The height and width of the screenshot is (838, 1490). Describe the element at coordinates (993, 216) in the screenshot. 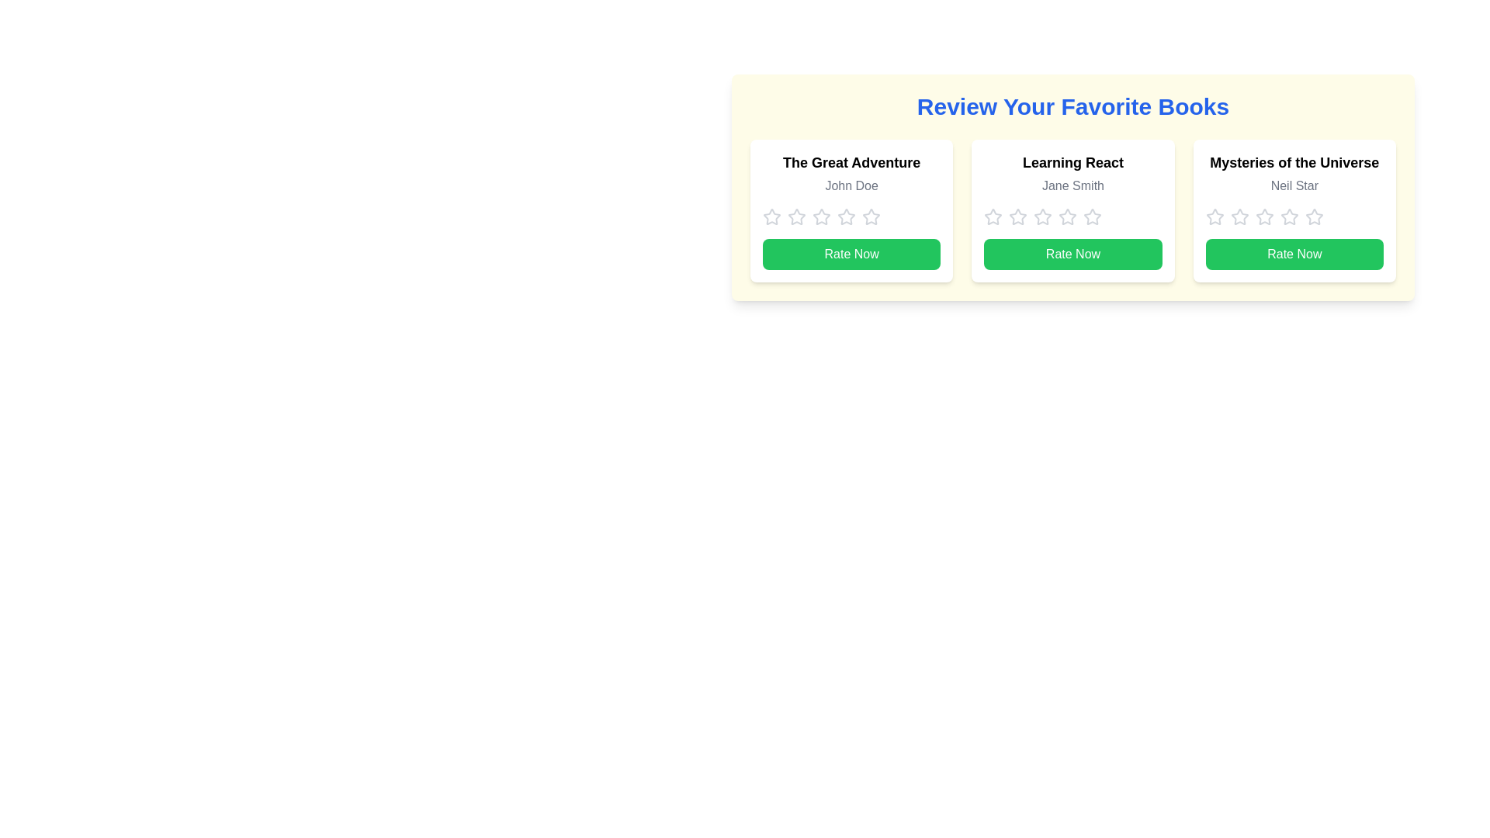

I see `the star-shaped rating icon button, which is the second icon from the left under the 'Learning React' section of the interface` at that location.